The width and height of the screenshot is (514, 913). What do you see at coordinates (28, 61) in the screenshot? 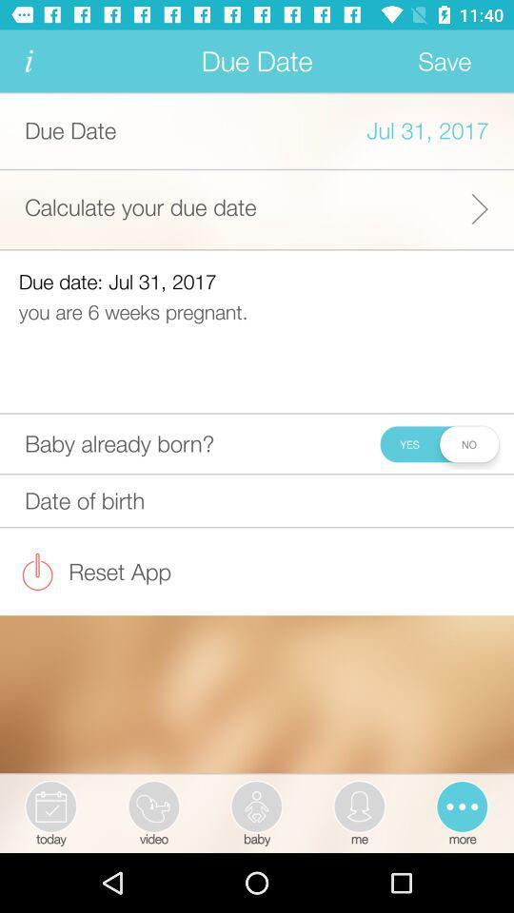
I see `more information` at bounding box center [28, 61].